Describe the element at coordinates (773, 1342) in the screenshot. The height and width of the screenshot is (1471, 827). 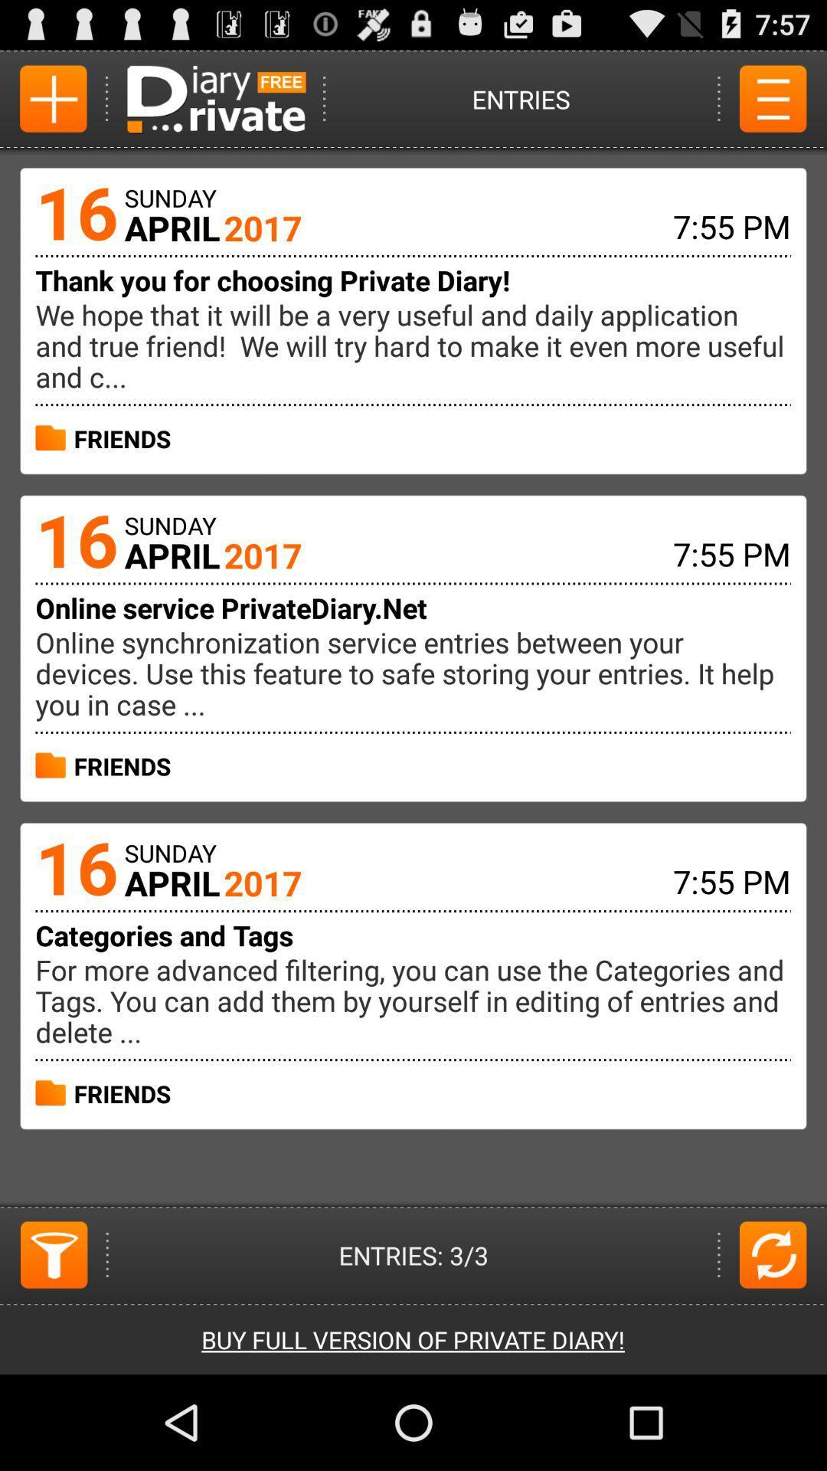
I see `the refresh icon` at that location.